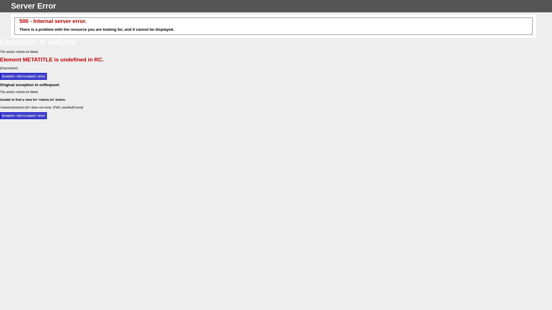 The image size is (552, 310). What do you see at coordinates (23, 115) in the screenshot?
I see `'Exception - click to expand - struct'` at bounding box center [23, 115].